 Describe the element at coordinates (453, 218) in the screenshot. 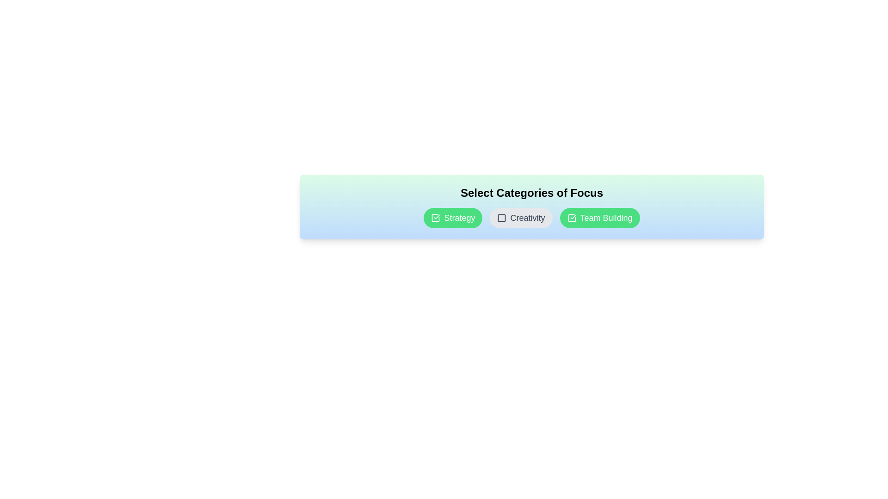

I see `the category chip labeled Strategy` at that location.